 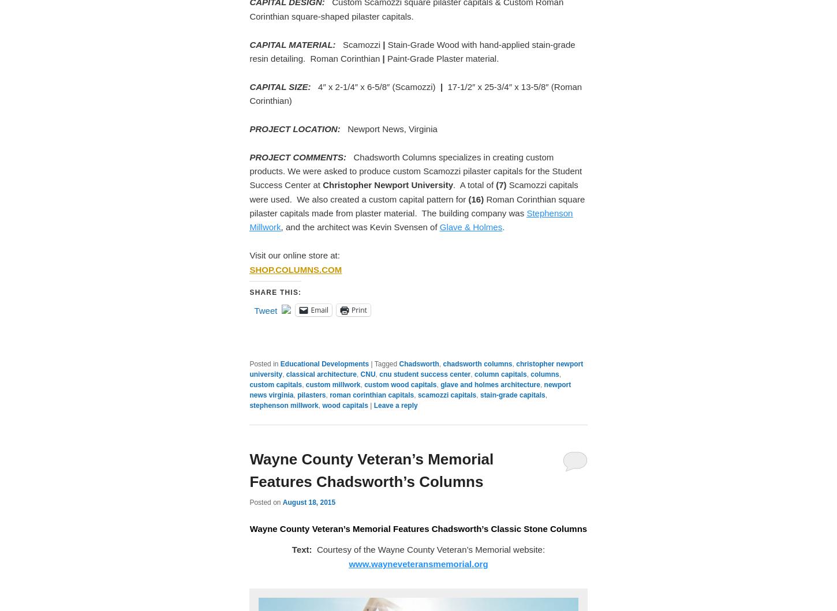 What do you see at coordinates (265, 503) in the screenshot?
I see `'Posted on'` at bounding box center [265, 503].